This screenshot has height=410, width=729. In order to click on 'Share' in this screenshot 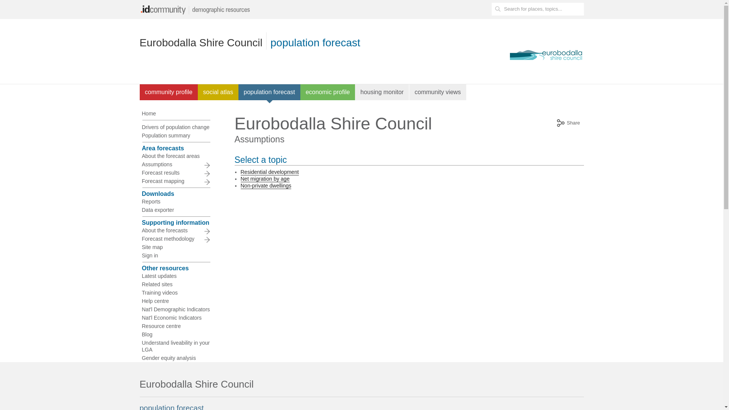, I will do `click(568, 123)`.